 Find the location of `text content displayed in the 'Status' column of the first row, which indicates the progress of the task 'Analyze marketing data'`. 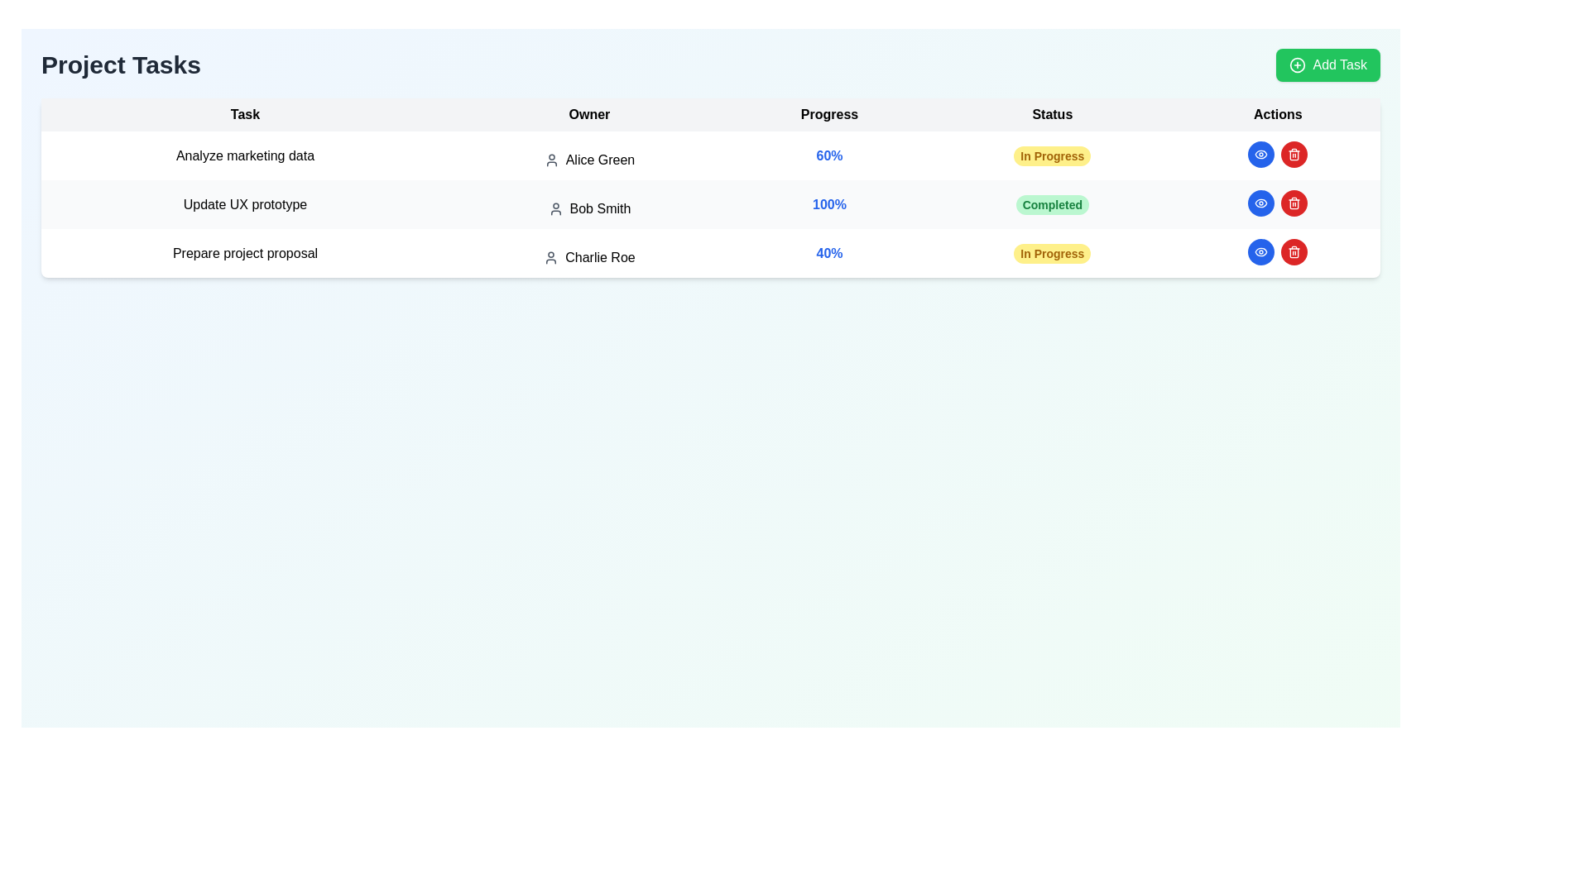

text content displayed in the 'Status' column of the first row, which indicates the progress of the task 'Analyze marketing data' is located at coordinates (1051, 155).